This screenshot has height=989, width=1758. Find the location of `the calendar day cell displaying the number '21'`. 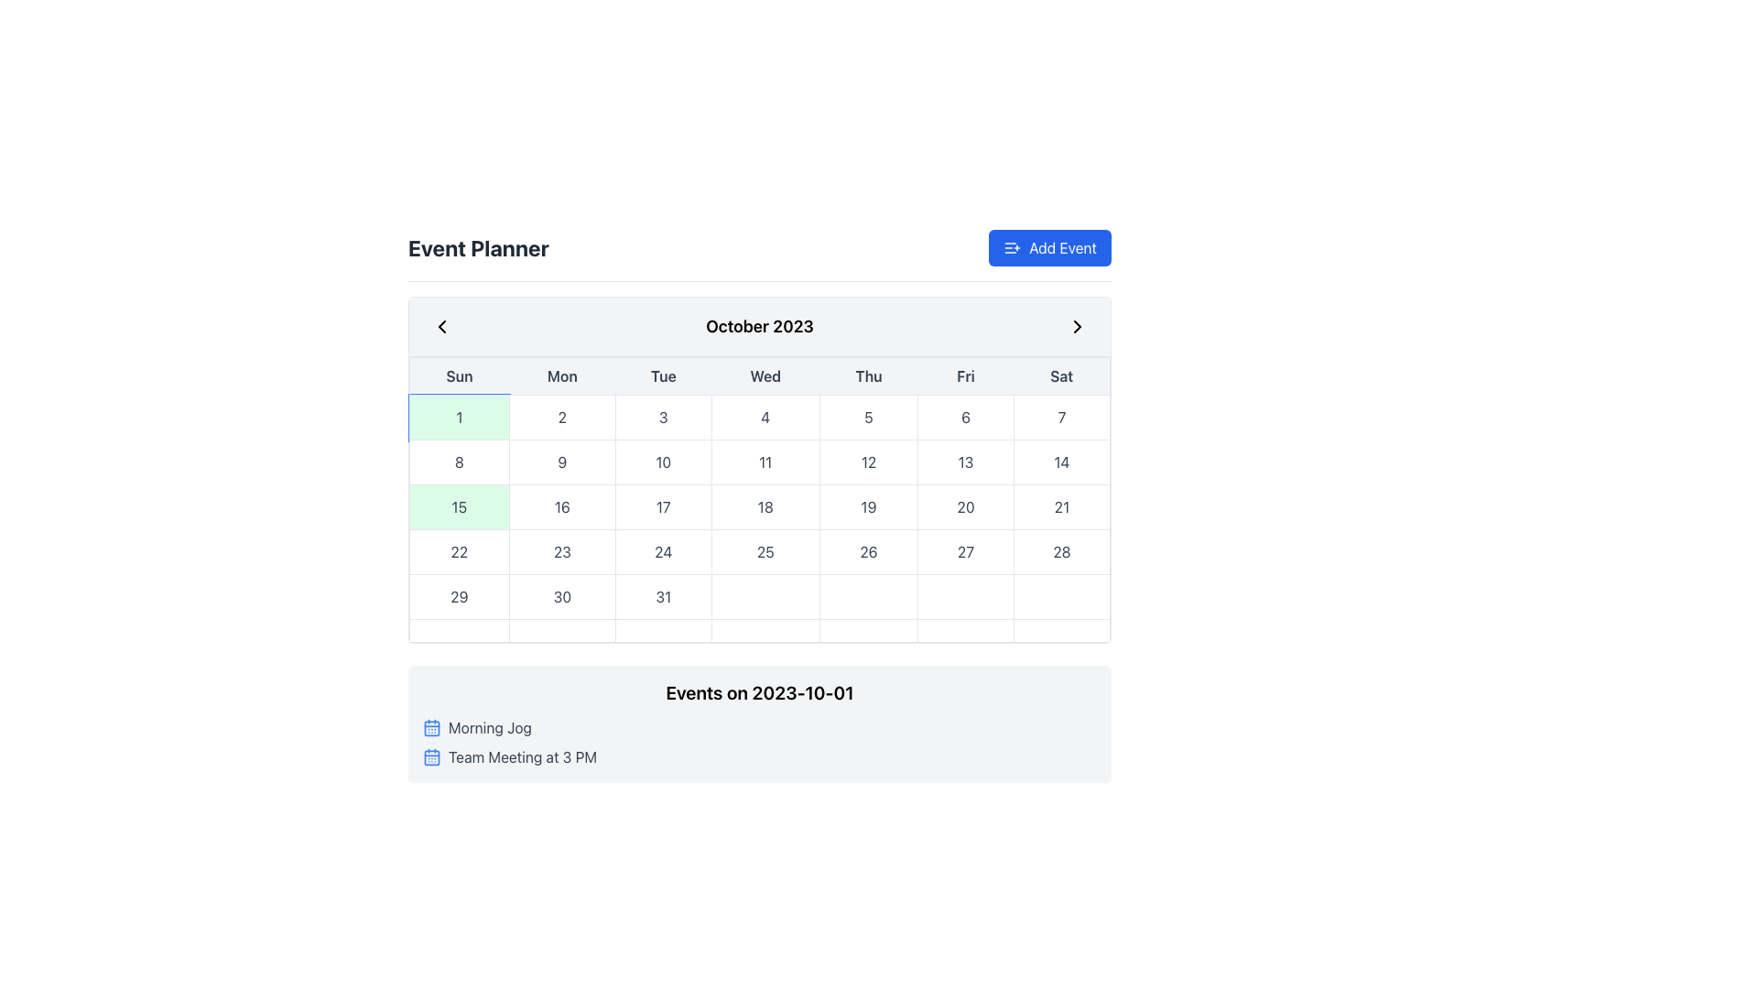

the calendar day cell displaying the number '21' is located at coordinates (1061, 507).